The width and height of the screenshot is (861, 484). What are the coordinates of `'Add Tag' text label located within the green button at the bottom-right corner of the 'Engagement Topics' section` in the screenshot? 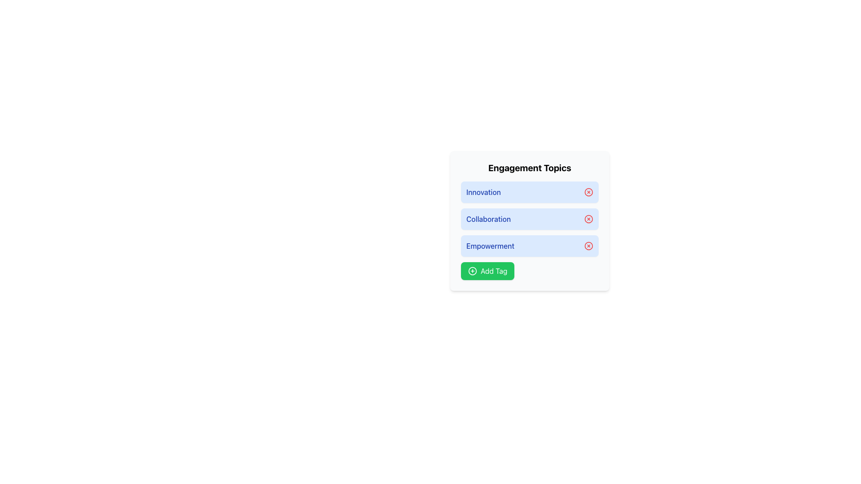 It's located at (493, 271).